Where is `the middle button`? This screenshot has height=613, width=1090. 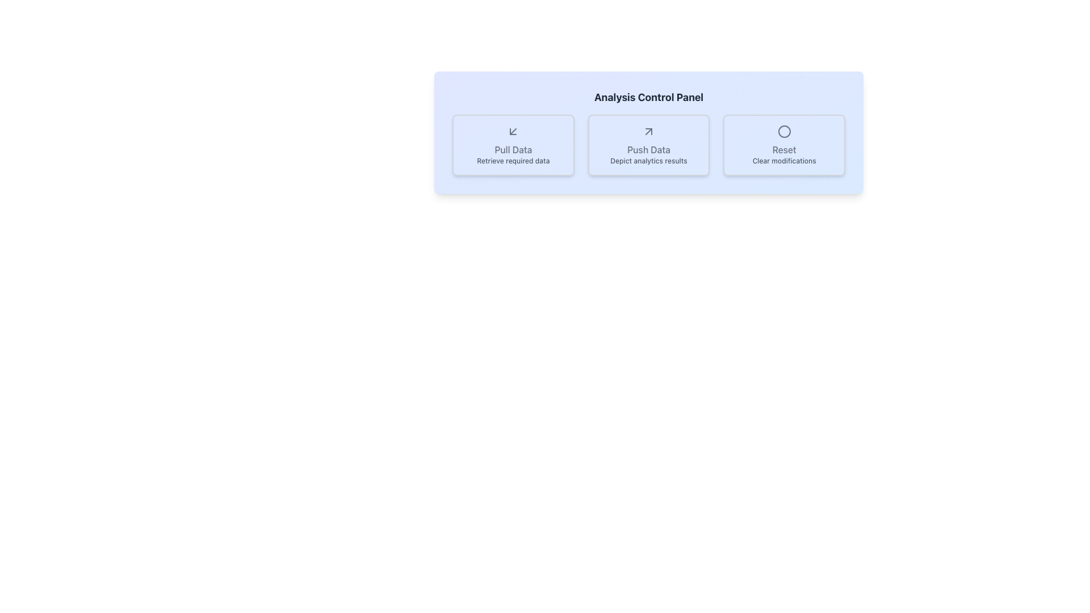 the middle button is located at coordinates (648, 144).